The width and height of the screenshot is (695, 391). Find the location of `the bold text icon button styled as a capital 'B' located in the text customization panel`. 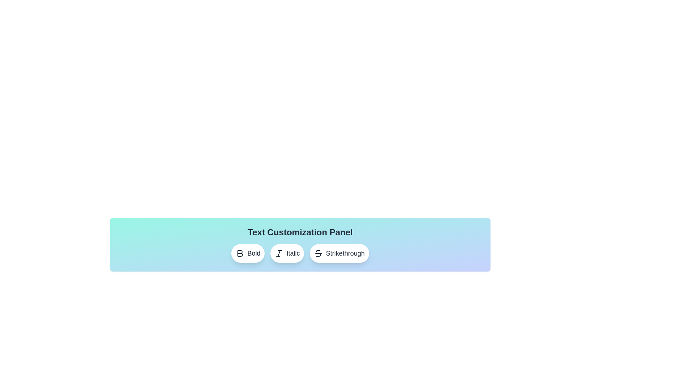

the bold text icon button styled as a capital 'B' located in the text customization panel is located at coordinates (240, 253).